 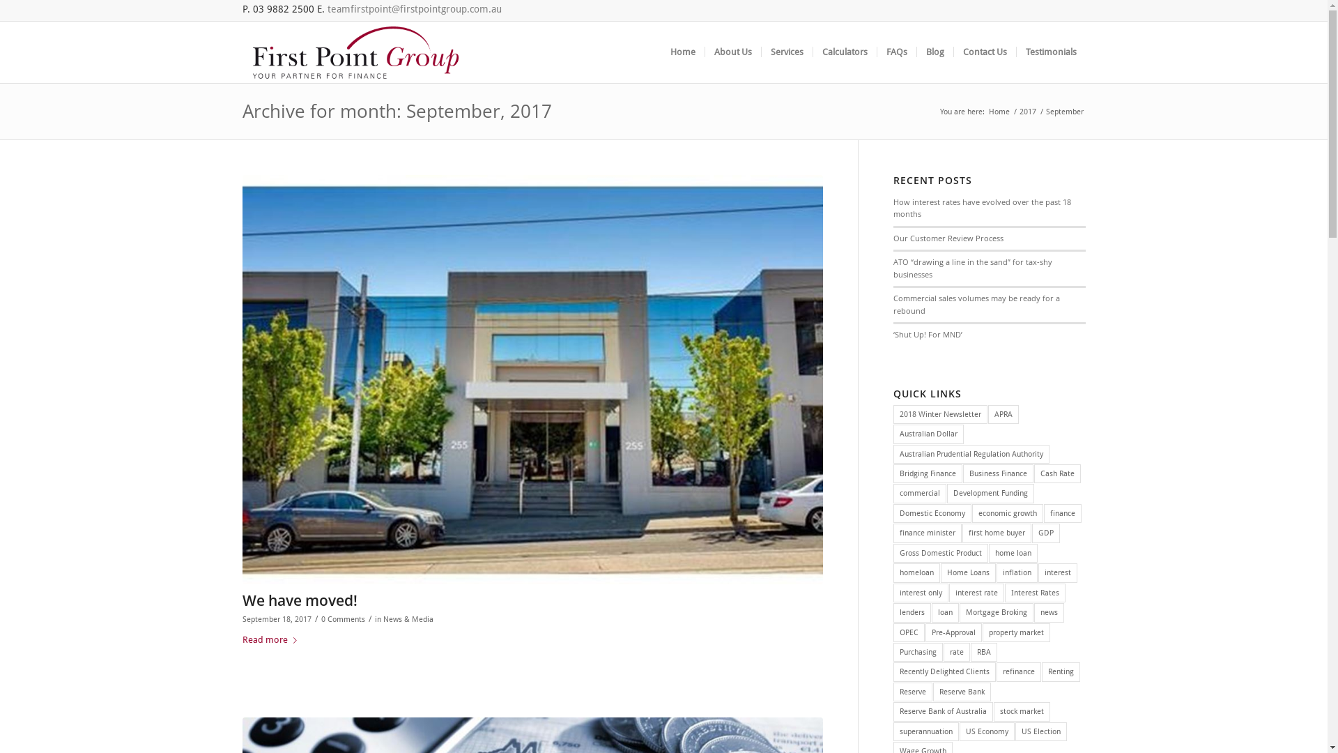 What do you see at coordinates (407, 618) in the screenshot?
I see `'News & Media'` at bounding box center [407, 618].